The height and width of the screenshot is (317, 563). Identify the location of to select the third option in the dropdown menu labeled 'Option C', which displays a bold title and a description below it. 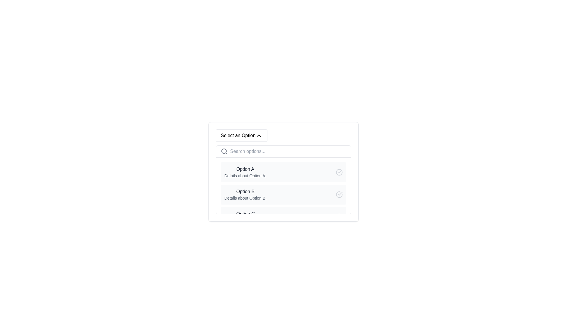
(245, 217).